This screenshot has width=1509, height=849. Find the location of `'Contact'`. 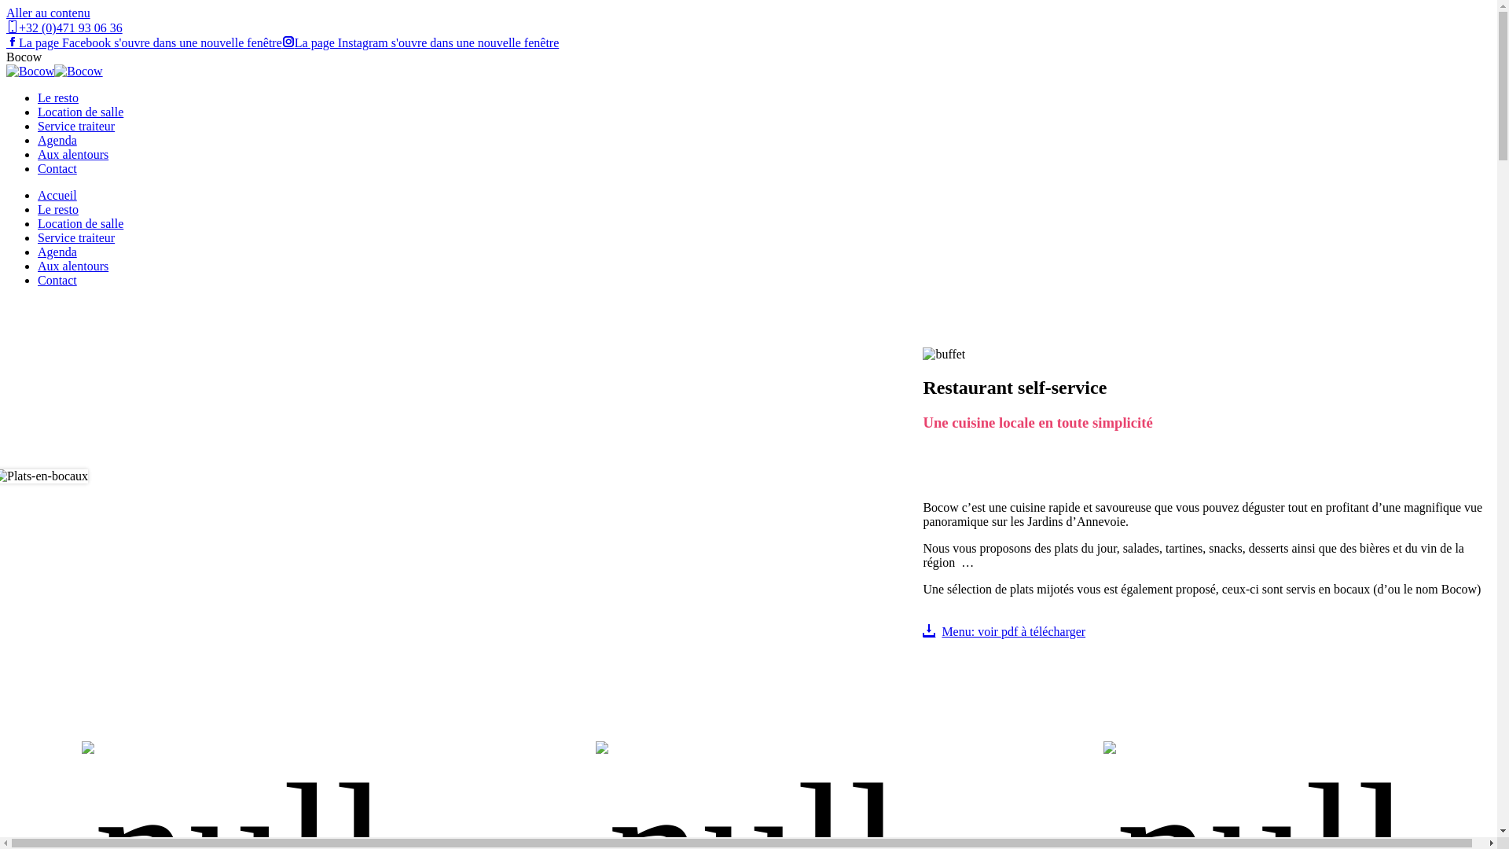

'Contact' is located at coordinates (57, 279).